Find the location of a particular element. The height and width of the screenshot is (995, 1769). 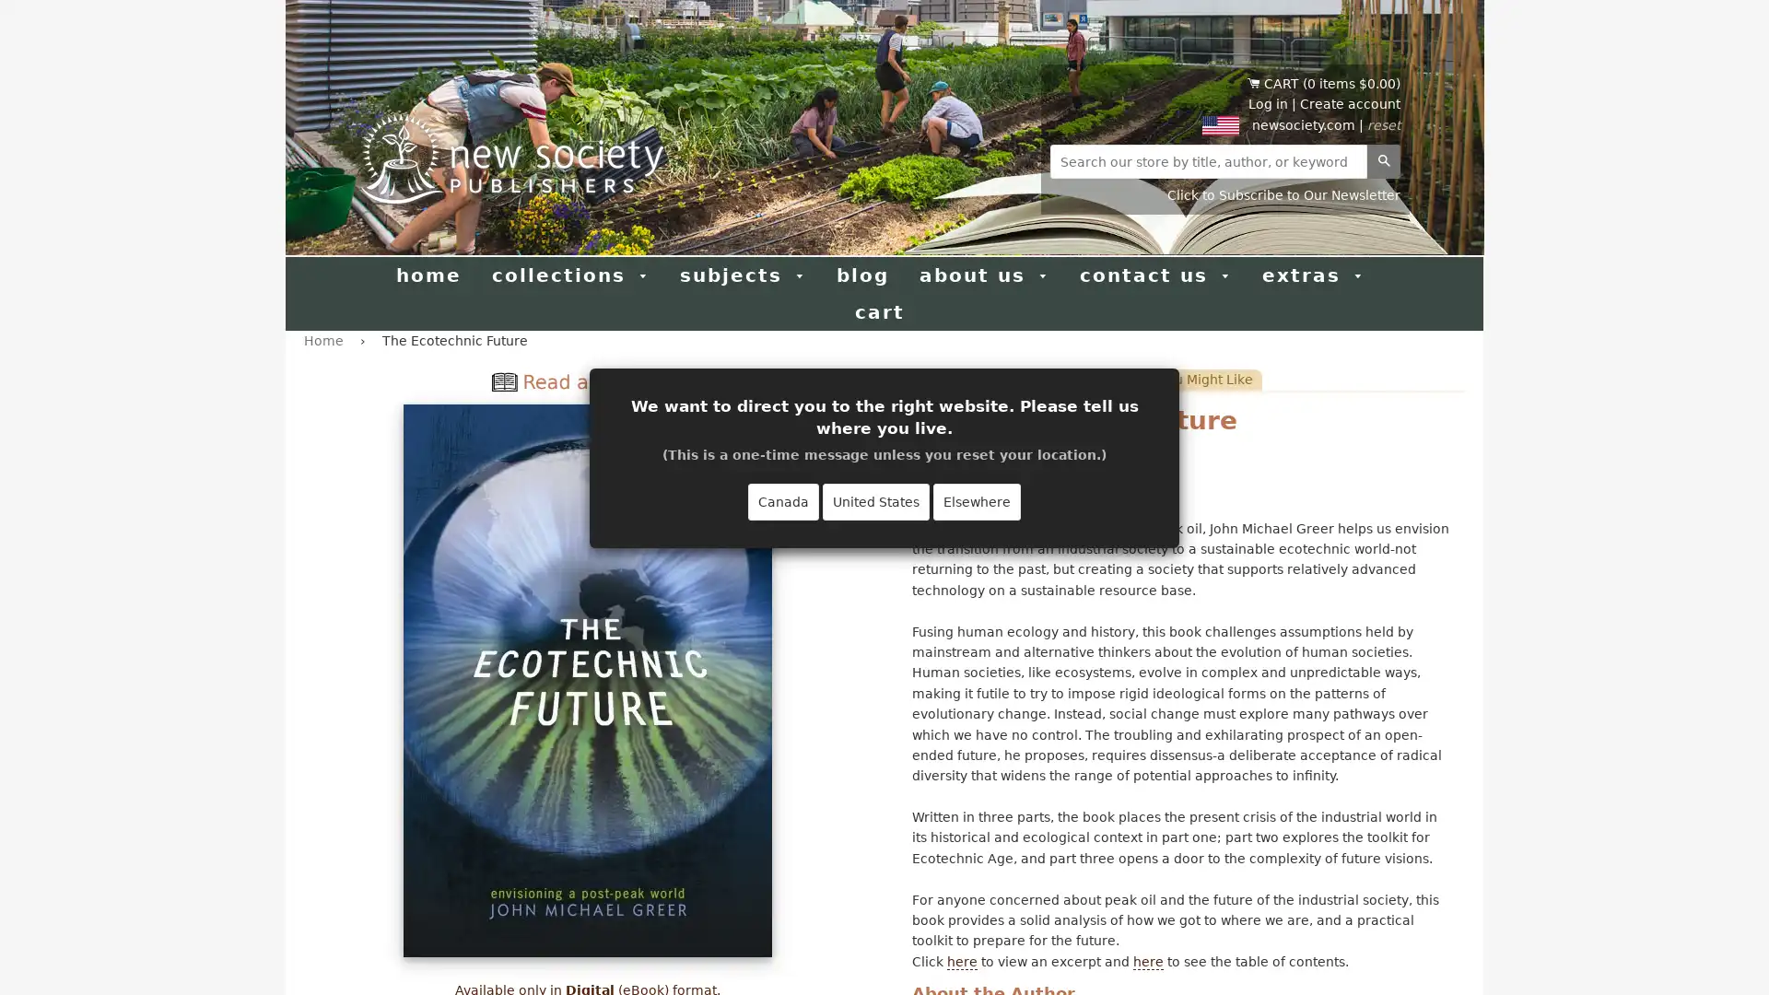

United States is located at coordinates (874, 501).